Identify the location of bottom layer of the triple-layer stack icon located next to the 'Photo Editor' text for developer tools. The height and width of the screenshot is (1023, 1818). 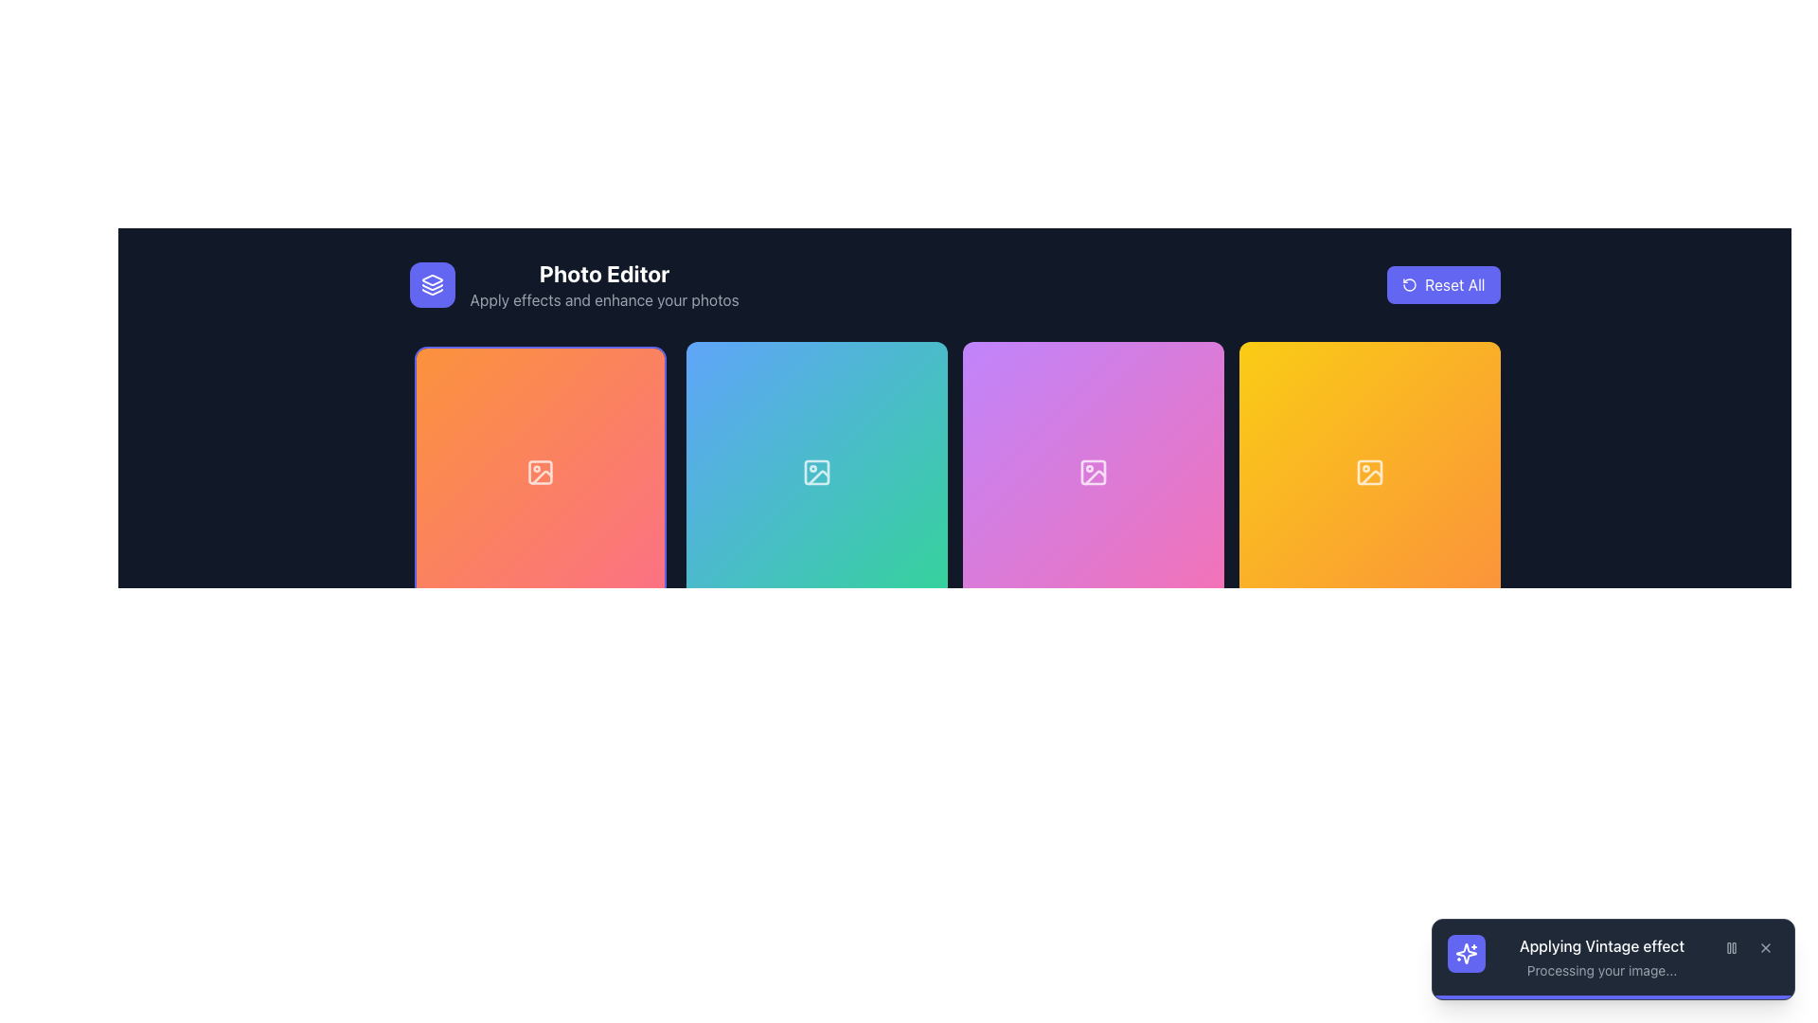
(431, 292).